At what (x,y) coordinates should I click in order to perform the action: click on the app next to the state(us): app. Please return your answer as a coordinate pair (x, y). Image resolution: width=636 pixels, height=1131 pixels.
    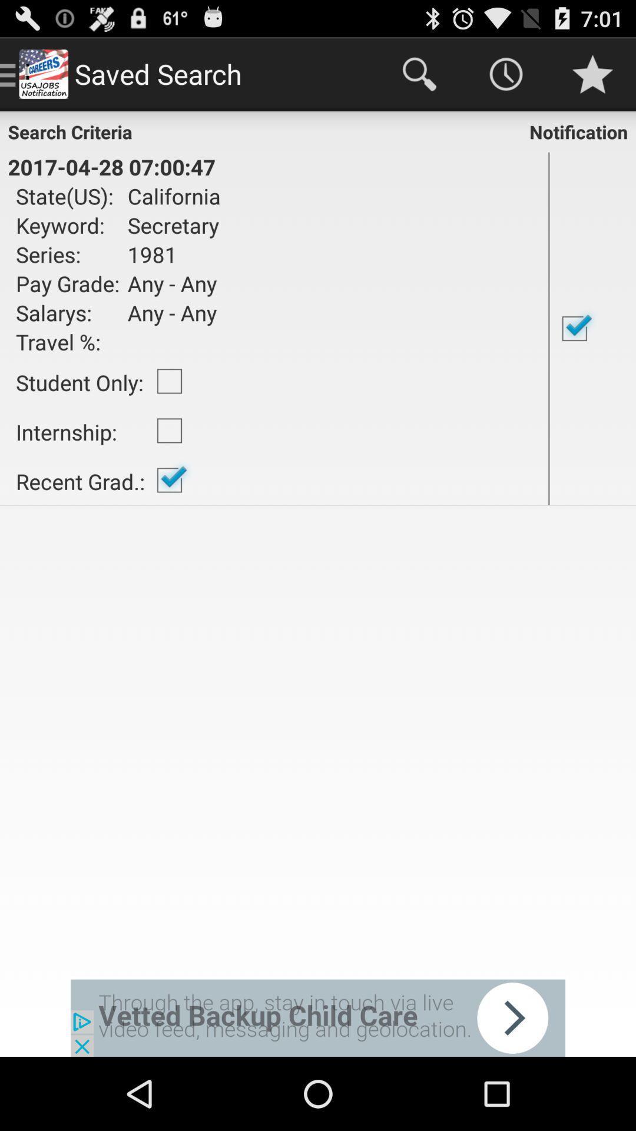
    Looking at the image, I should click on (170, 196).